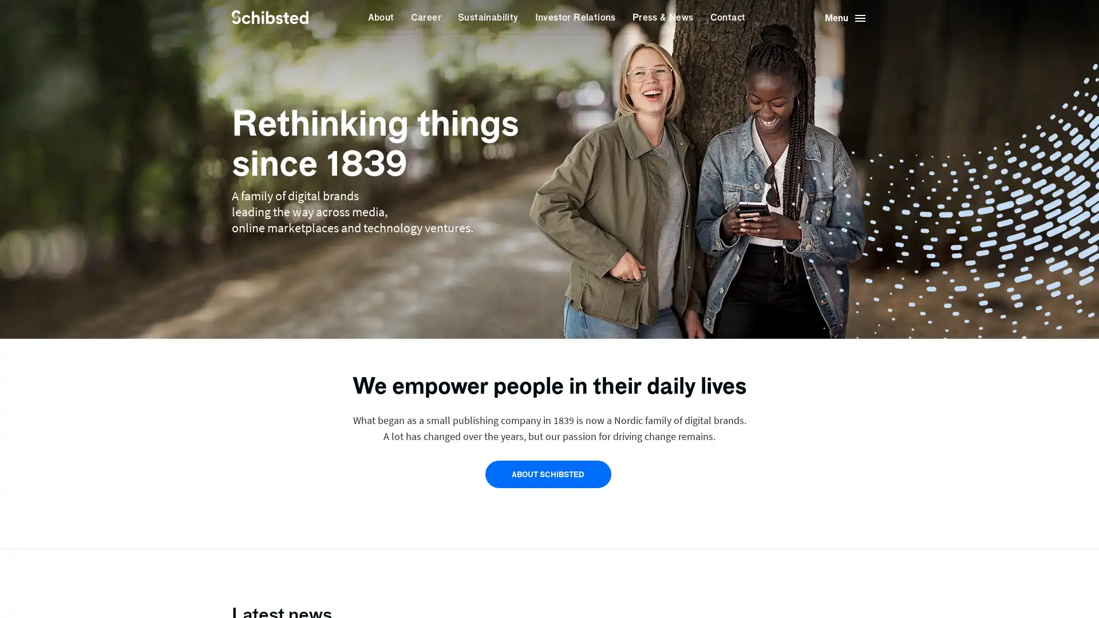 The width and height of the screenshot is (1099, 618). Describe the element at coordinates (326, 17) in the screenshot. I see `search` at that location.